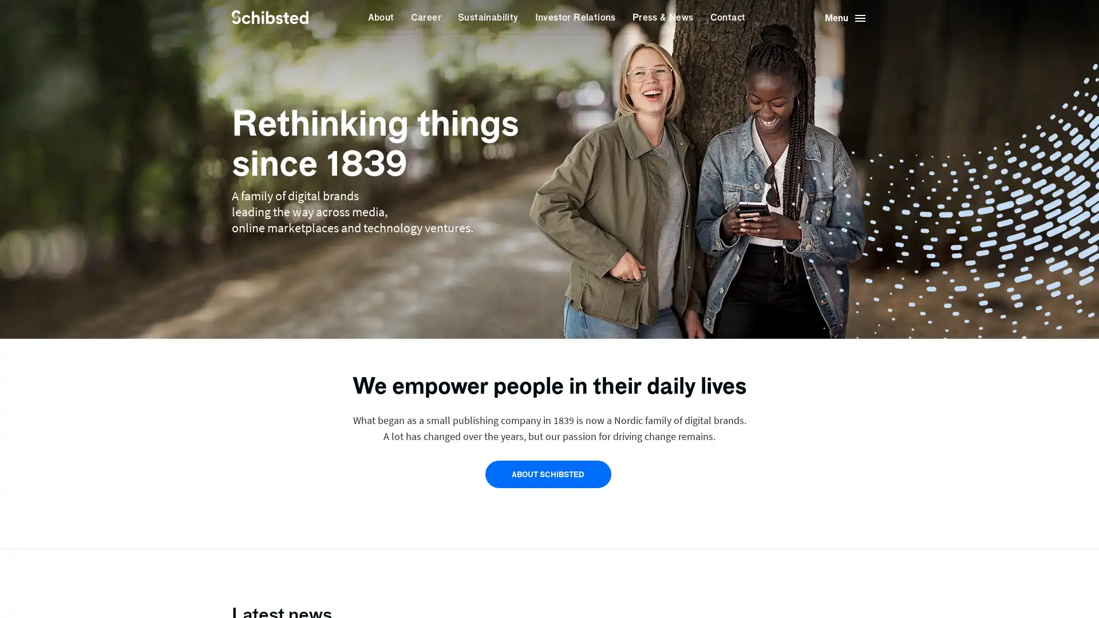 The width and height of the screenshot is (1099, 618). Describe the element at coordinates (326, 17) in the screenshot. I see `search` at that location.